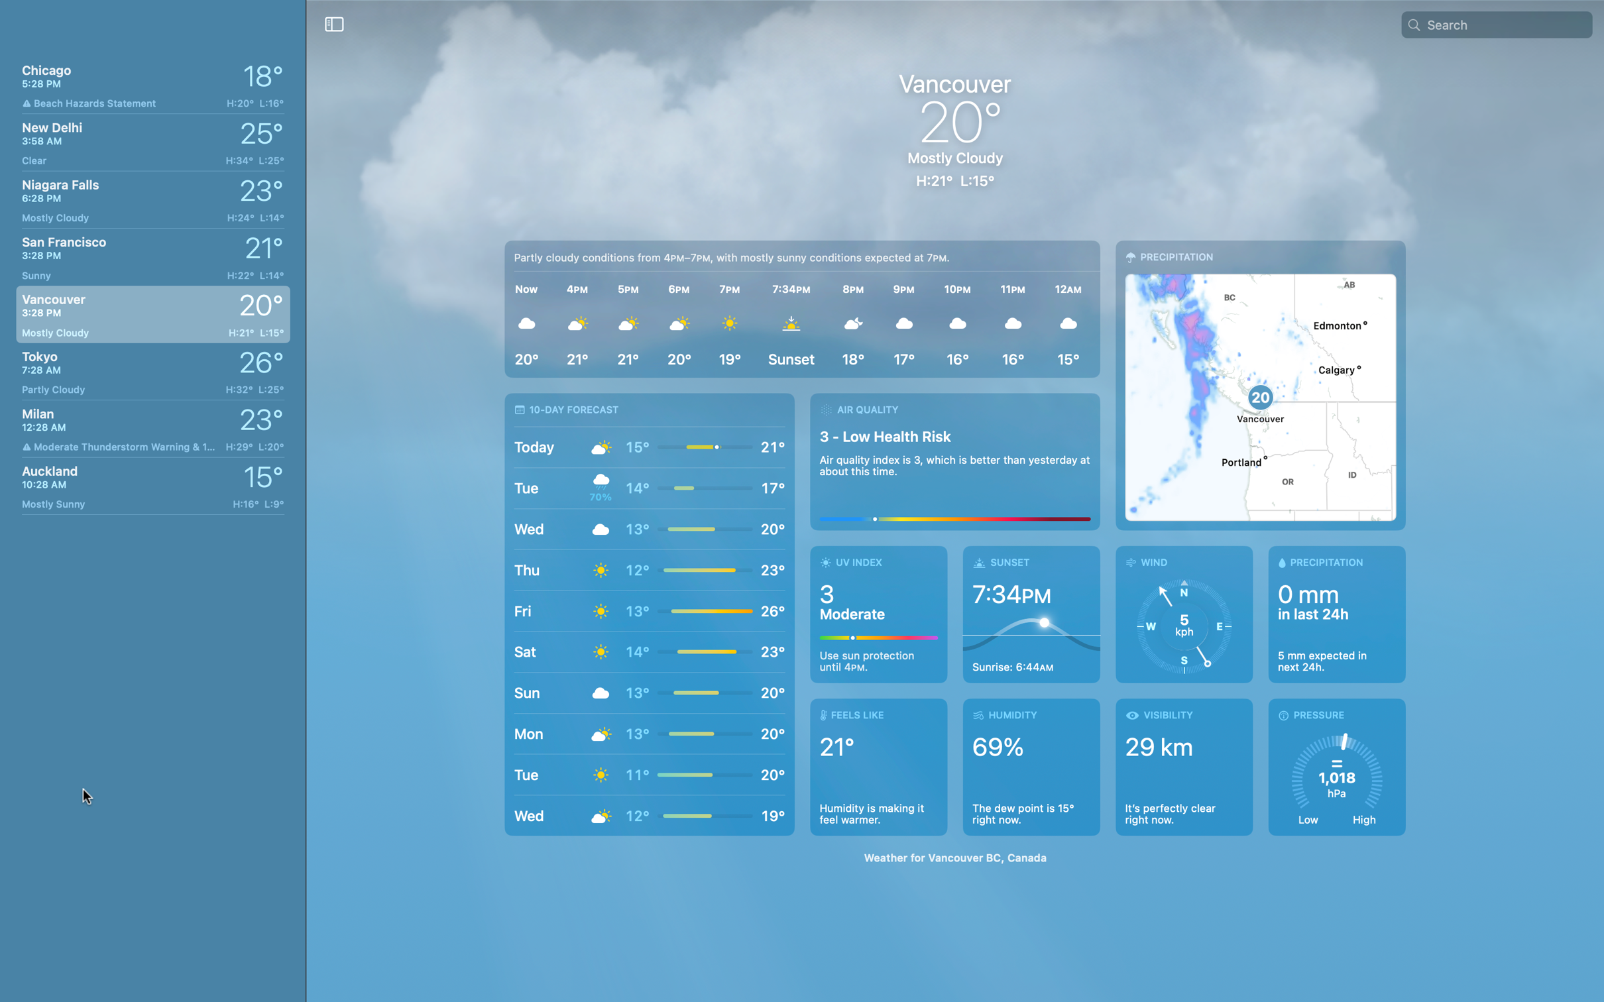 This screenshot has width=1604, height=1002. Describe the element at coordinates (649, 614) in the screenshot. I see `the 10 day weather outlook for Vancouver` at that location.